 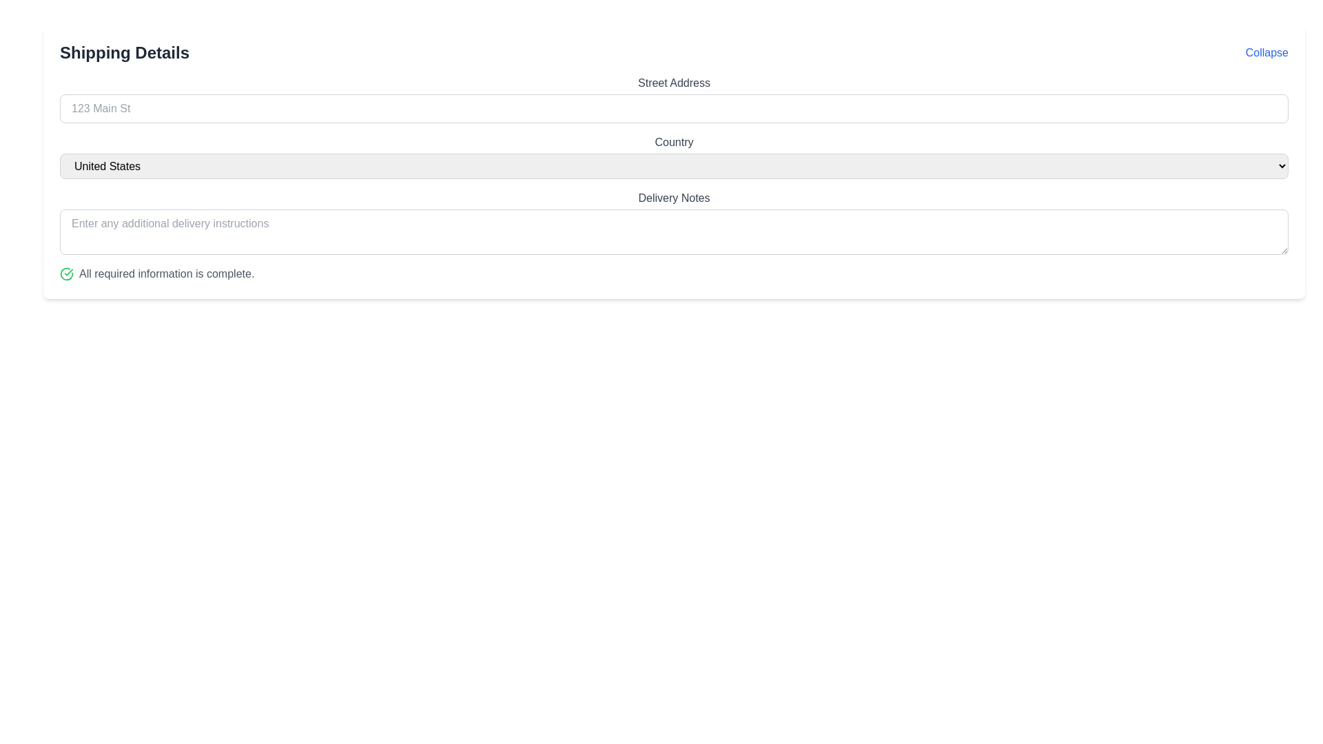 What do you see at coordinates (674, 156) in the screenshot?
I see `an option from the dropdown menu labeled 'United States', which is styled with rounded corners and has a downward arrow icon` at bounding box center [674, 156].